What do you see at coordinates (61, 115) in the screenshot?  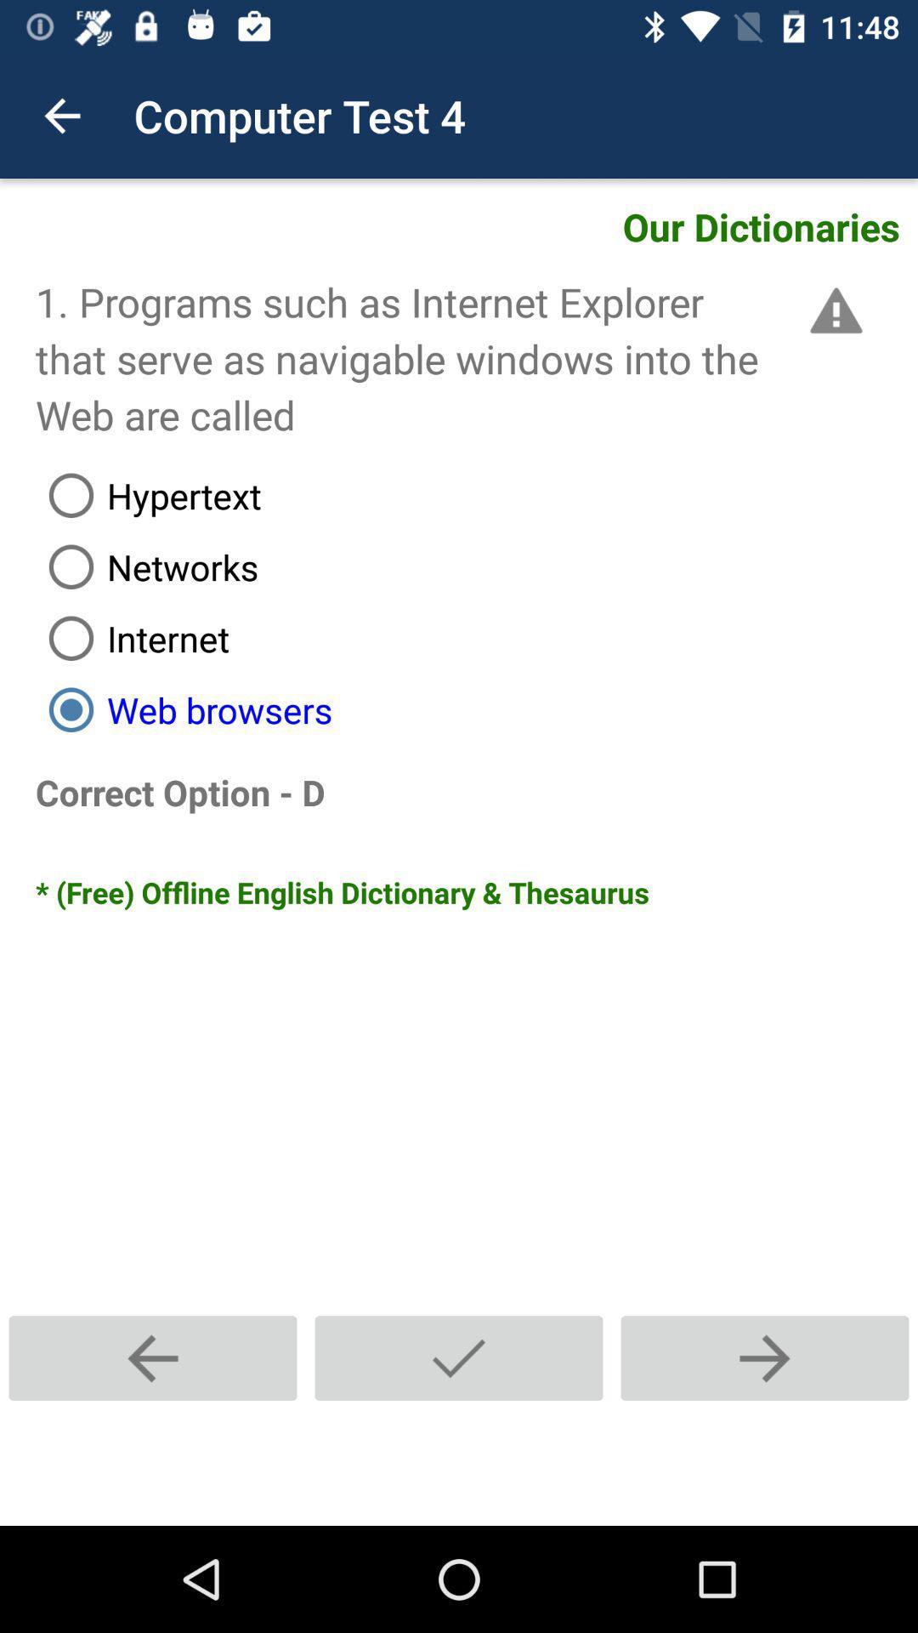 I see `item to the left of computer test 4 item` at bounding box center [61, 115].